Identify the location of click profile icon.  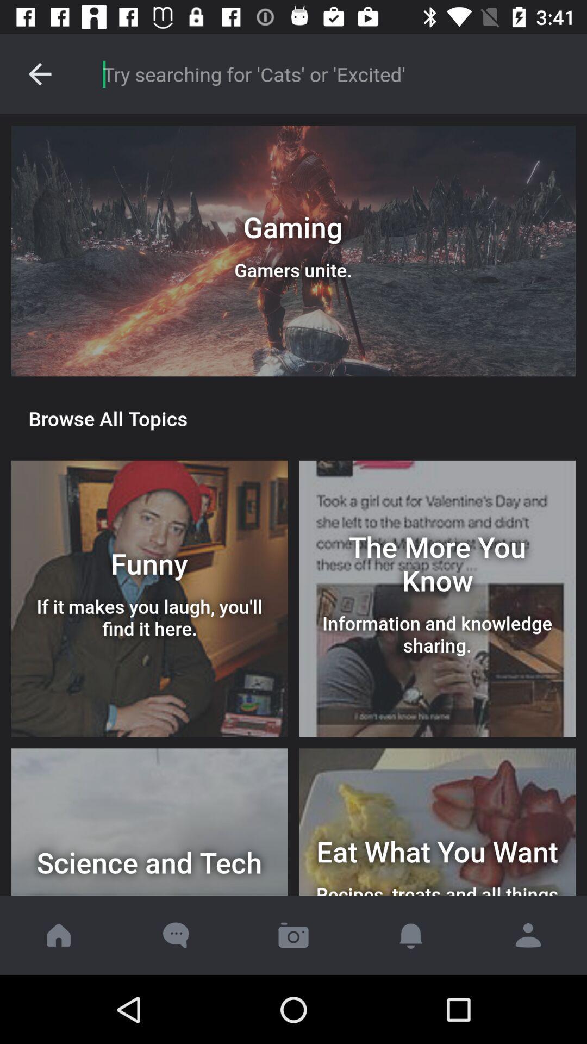
(528, 935).